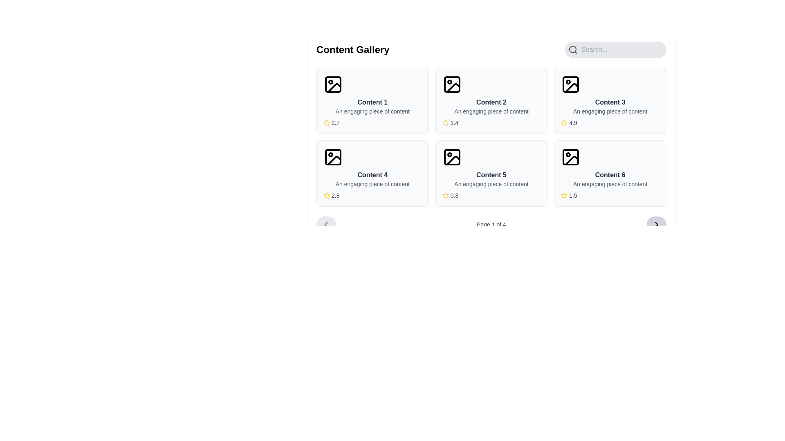 This screenshot has width=785, height=441. What do you see at coordinates (610, 184) in the screenshot?
I see `the descriptive text label located beneath the 'Content 6' title in the sixth content card of the grid layout` at bounding box center [610, 184].